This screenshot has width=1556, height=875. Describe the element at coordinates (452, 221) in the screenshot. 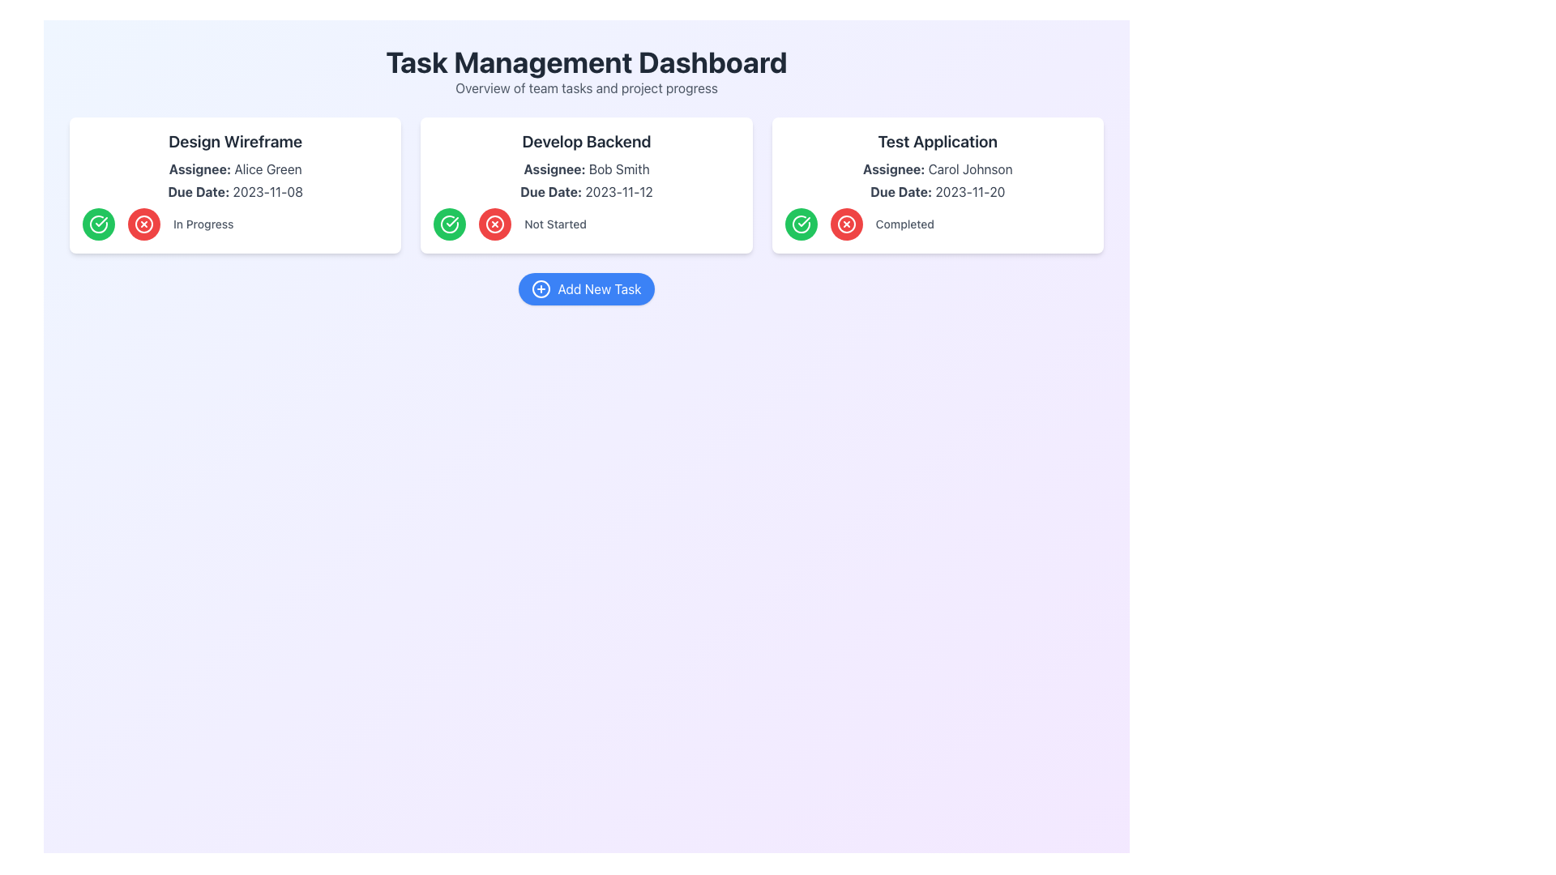

I see `the Checkmark Icon in the 'Develop Backend' task card, which is styled with a green stroke and located next to the red cross icon` at that location.